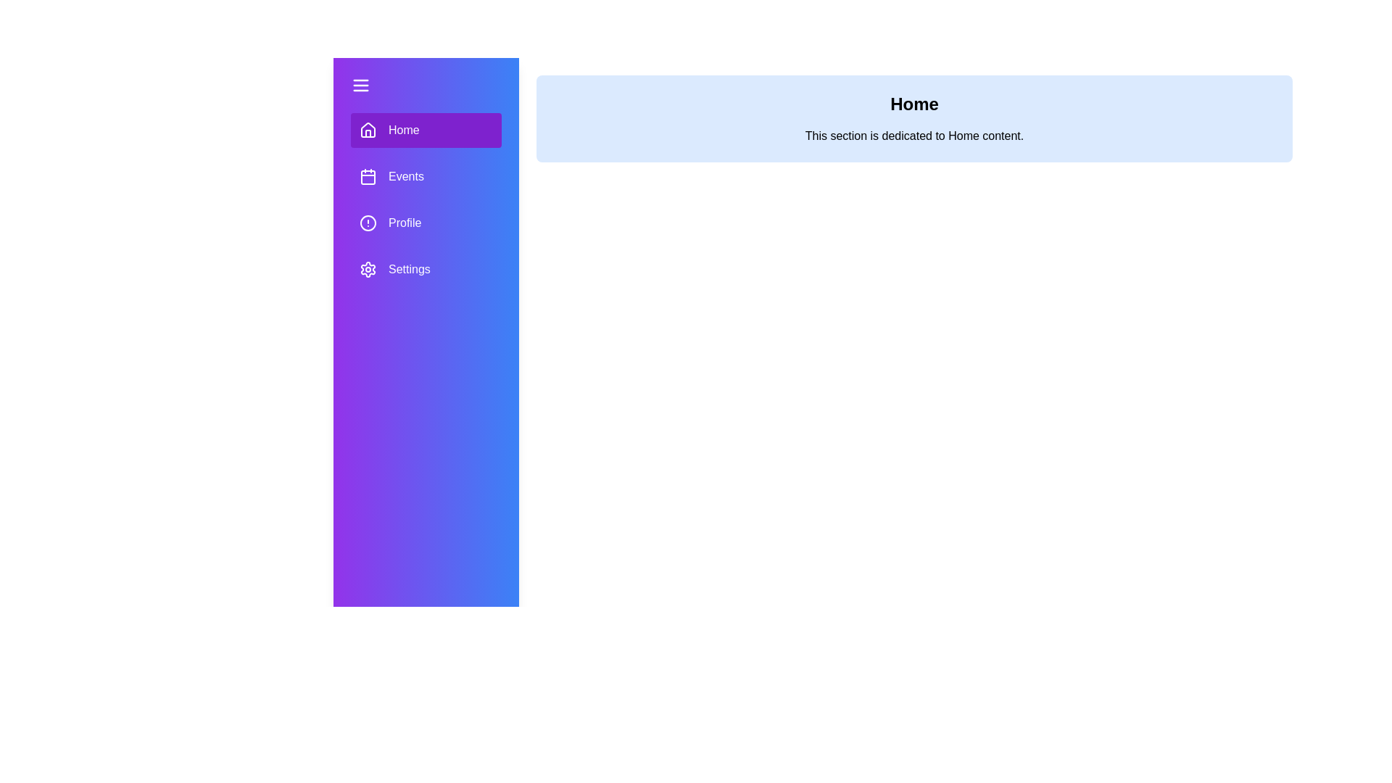  Describe the element at coordinates (426, 223) in the screenshot. I see `the third item in the vertical navigation menu, which serves as a link to the profile section, to change its background color` at that location.